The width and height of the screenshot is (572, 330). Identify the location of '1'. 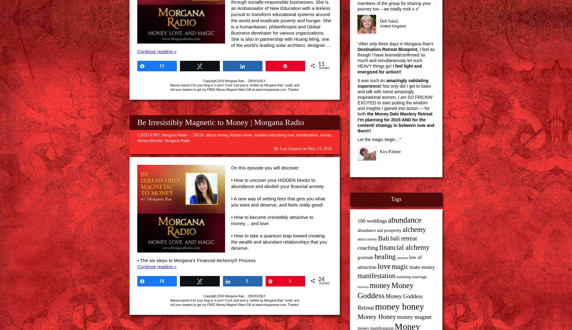
(289, 281).